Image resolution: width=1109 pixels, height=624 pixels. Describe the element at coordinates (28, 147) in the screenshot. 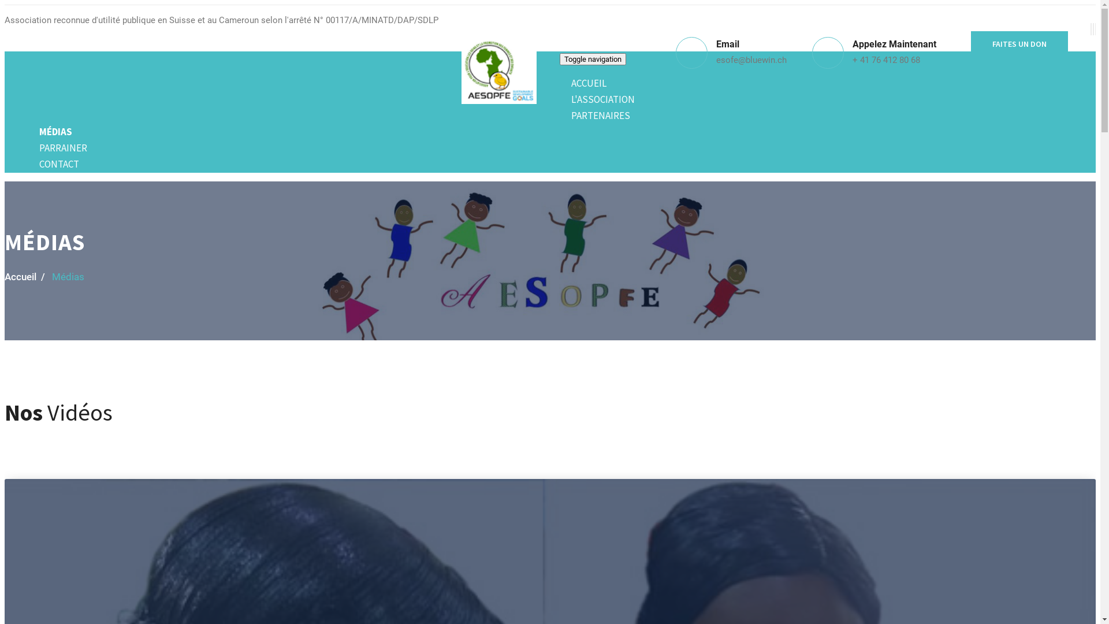

I see `'PARRAINER'` at that location.